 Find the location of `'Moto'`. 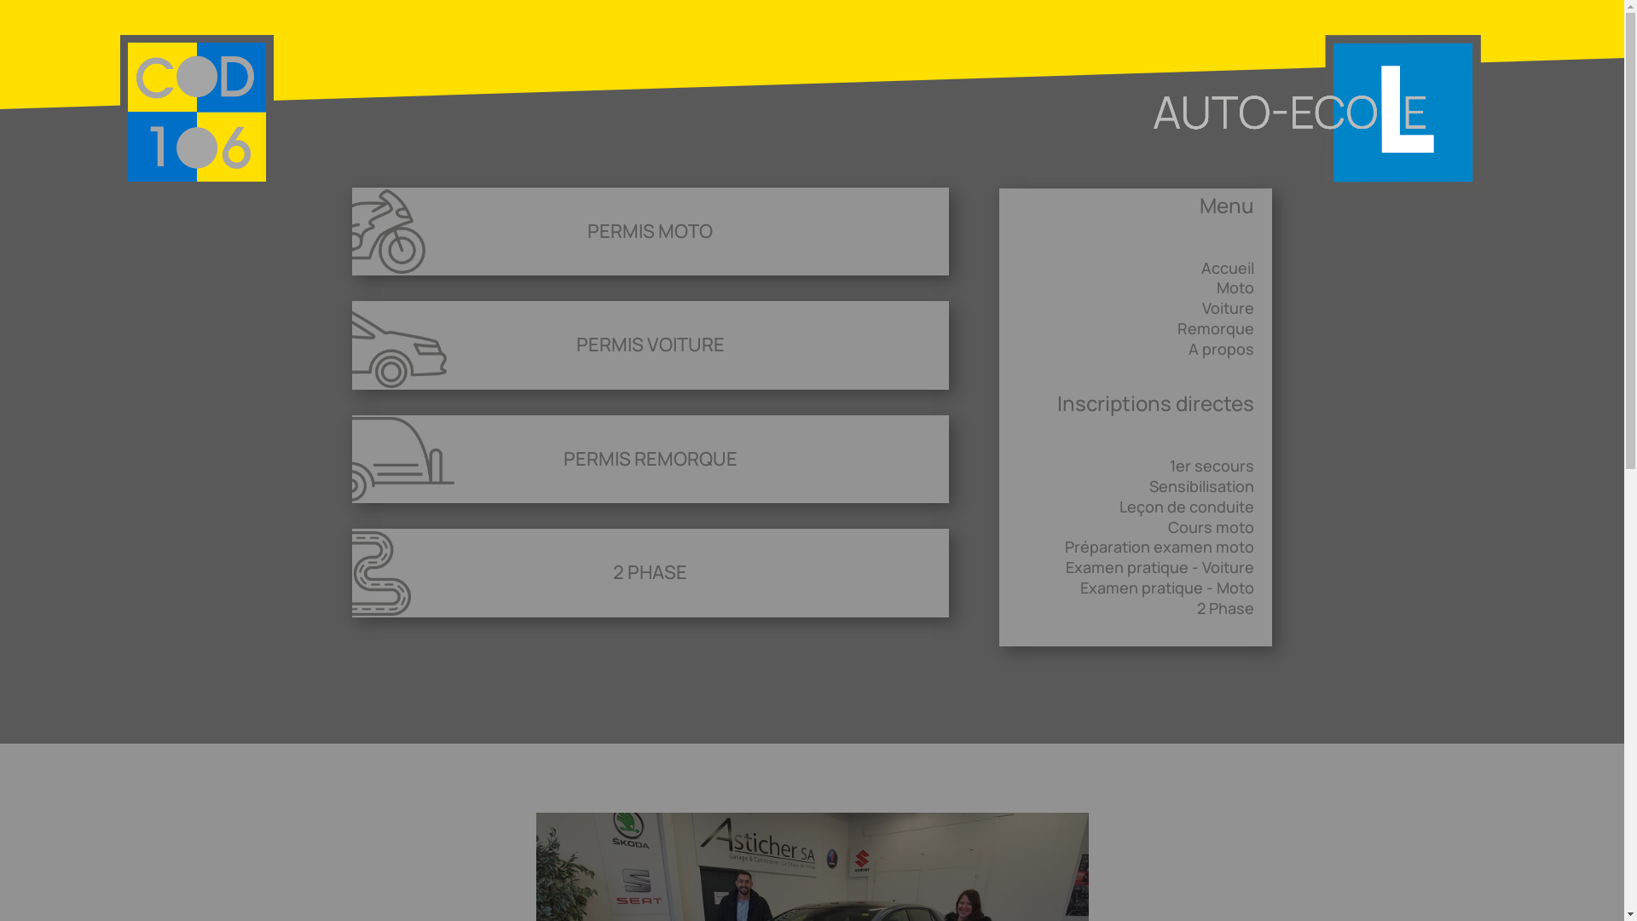

'Moto' is located at coordinates (1215, 286).